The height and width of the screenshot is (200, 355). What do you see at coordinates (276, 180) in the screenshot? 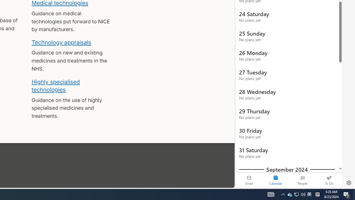
I see `'Selected calendar module. Date today is 22'` at bounding box center [276, 180].